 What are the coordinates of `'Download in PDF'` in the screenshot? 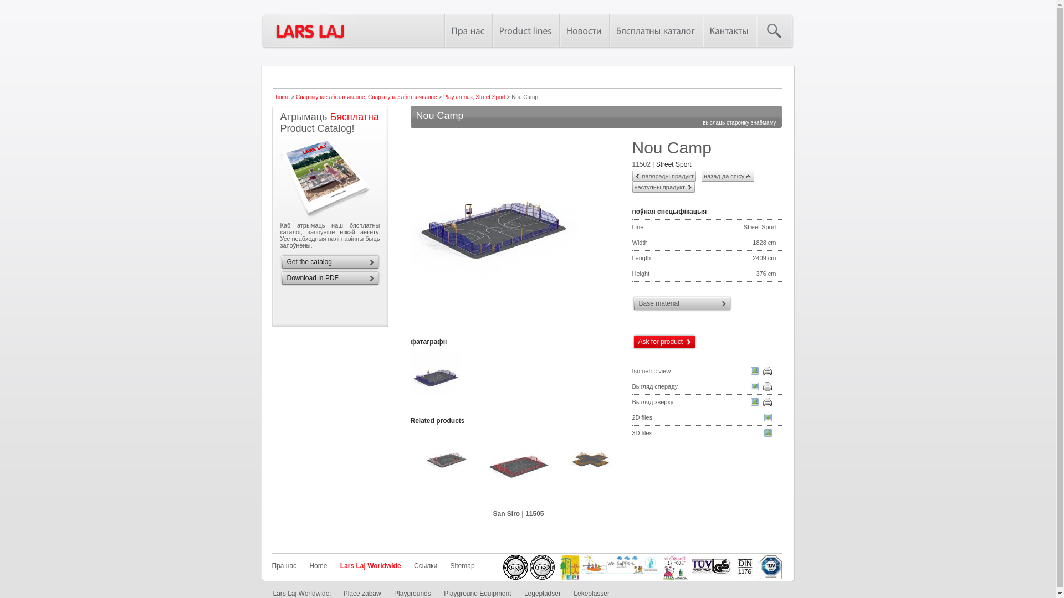 It's located at (332, 277).